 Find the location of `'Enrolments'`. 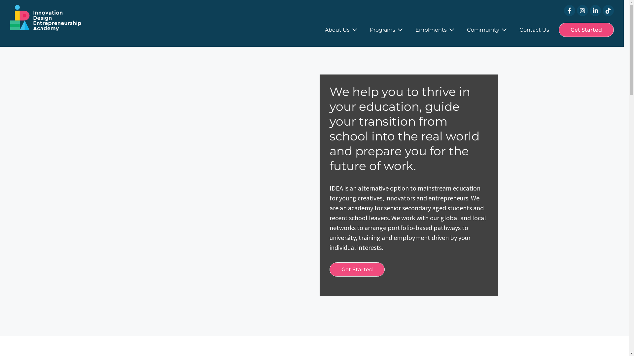

'Enrolments' is located at coordinates (435, 30).